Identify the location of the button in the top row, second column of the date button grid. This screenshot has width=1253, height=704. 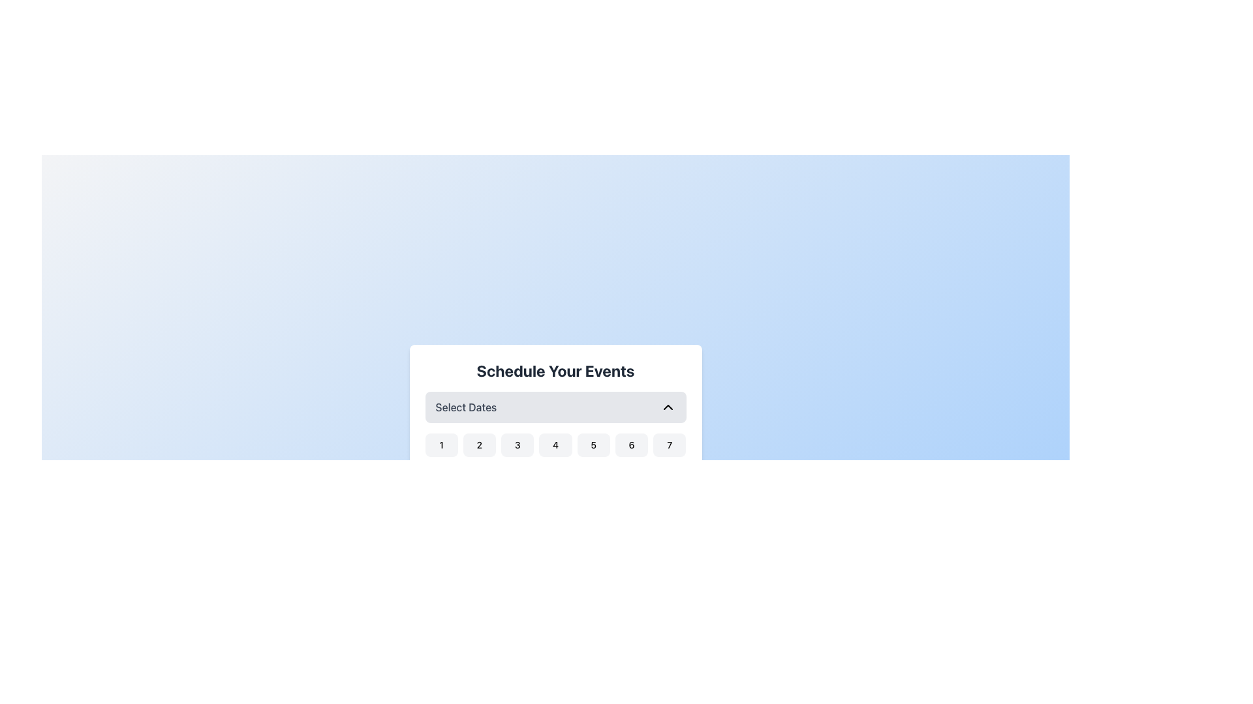
(478, 445).